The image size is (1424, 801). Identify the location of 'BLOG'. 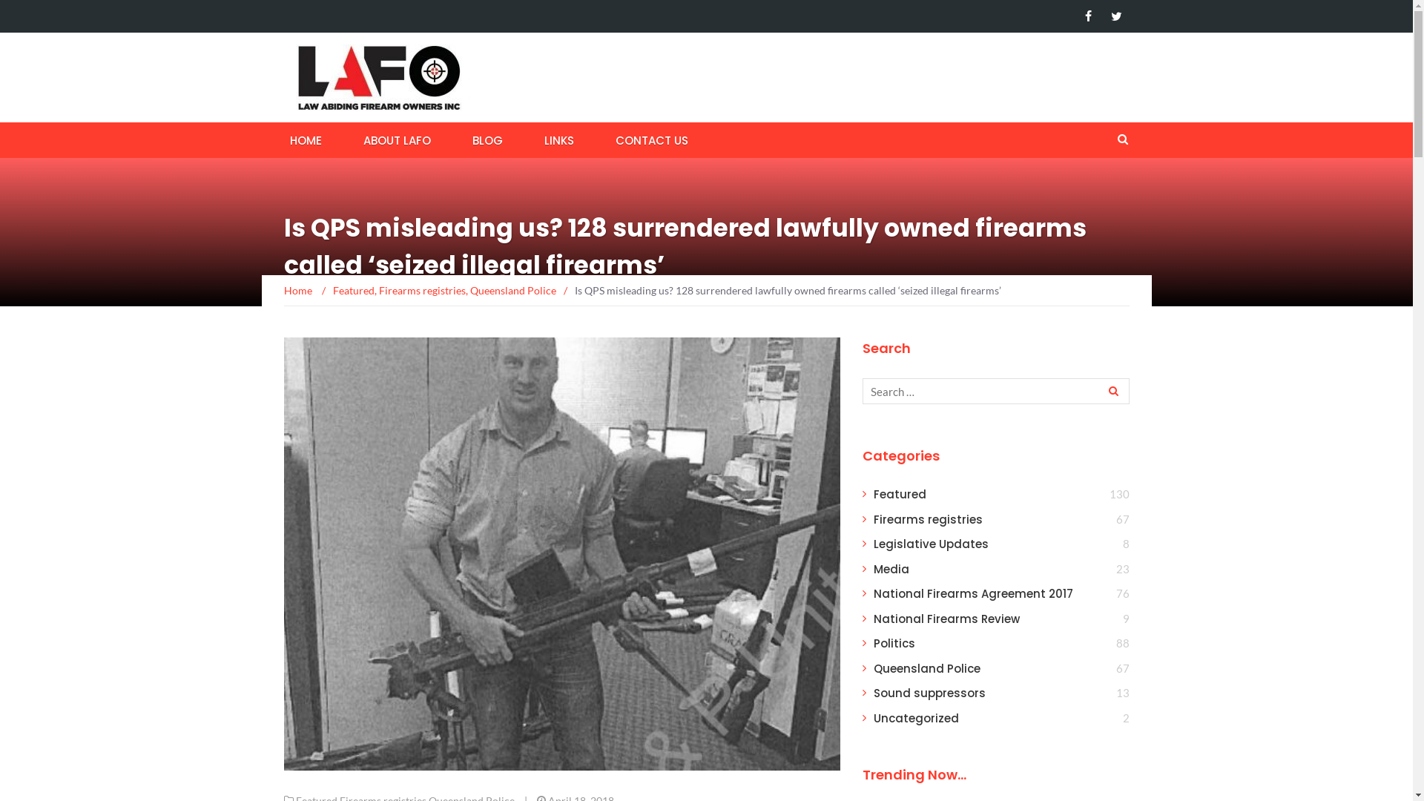
(487, 139).